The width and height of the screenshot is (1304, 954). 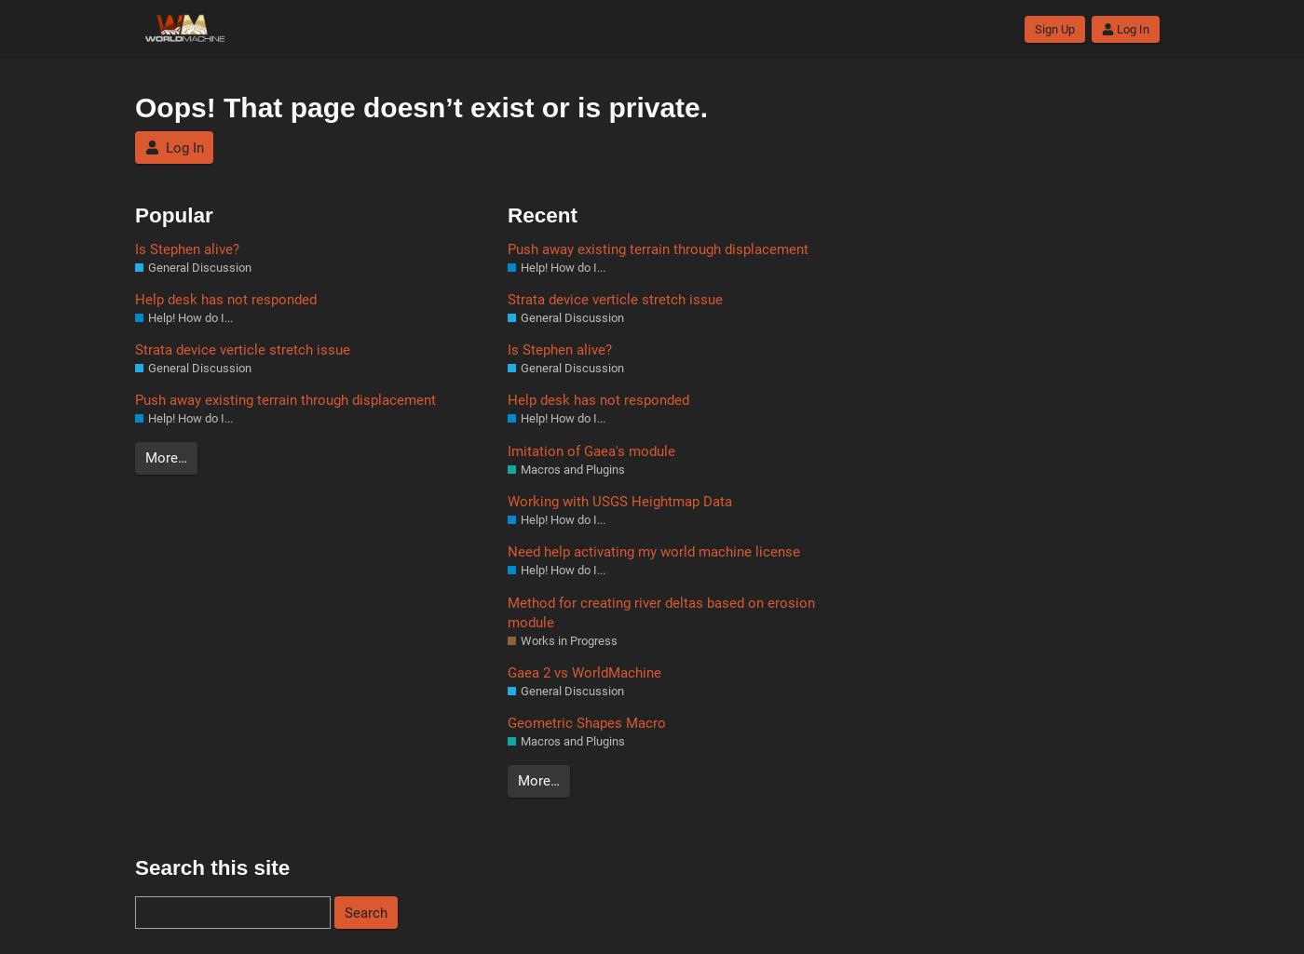 I want to click on 'Method for creating river deltas based on erosion module', so click(x=660, y=611).